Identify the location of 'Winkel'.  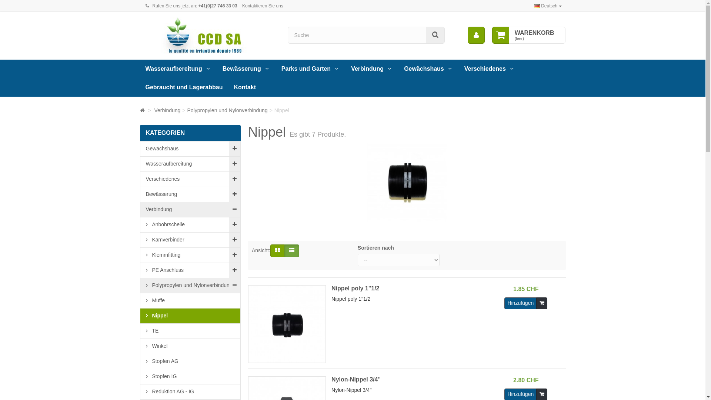
(140, 346).